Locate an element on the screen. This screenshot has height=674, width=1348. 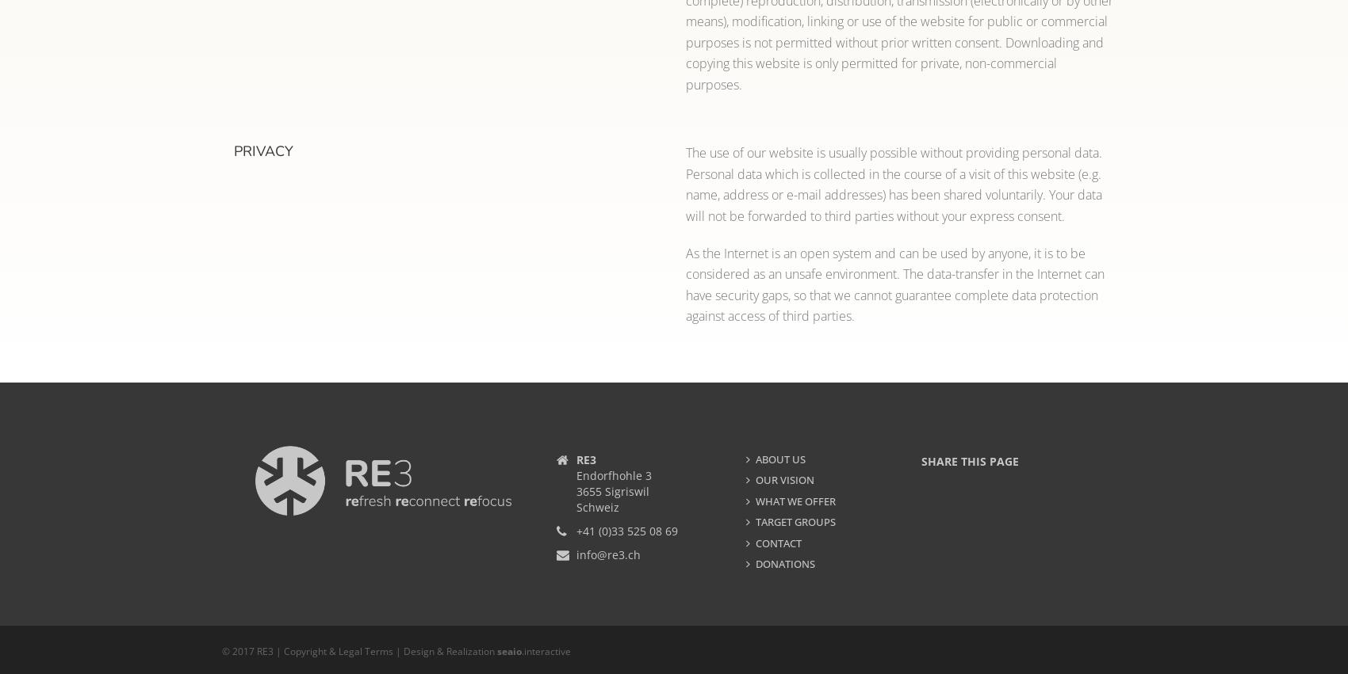
'Donations' is located at coordinates (784, 563).